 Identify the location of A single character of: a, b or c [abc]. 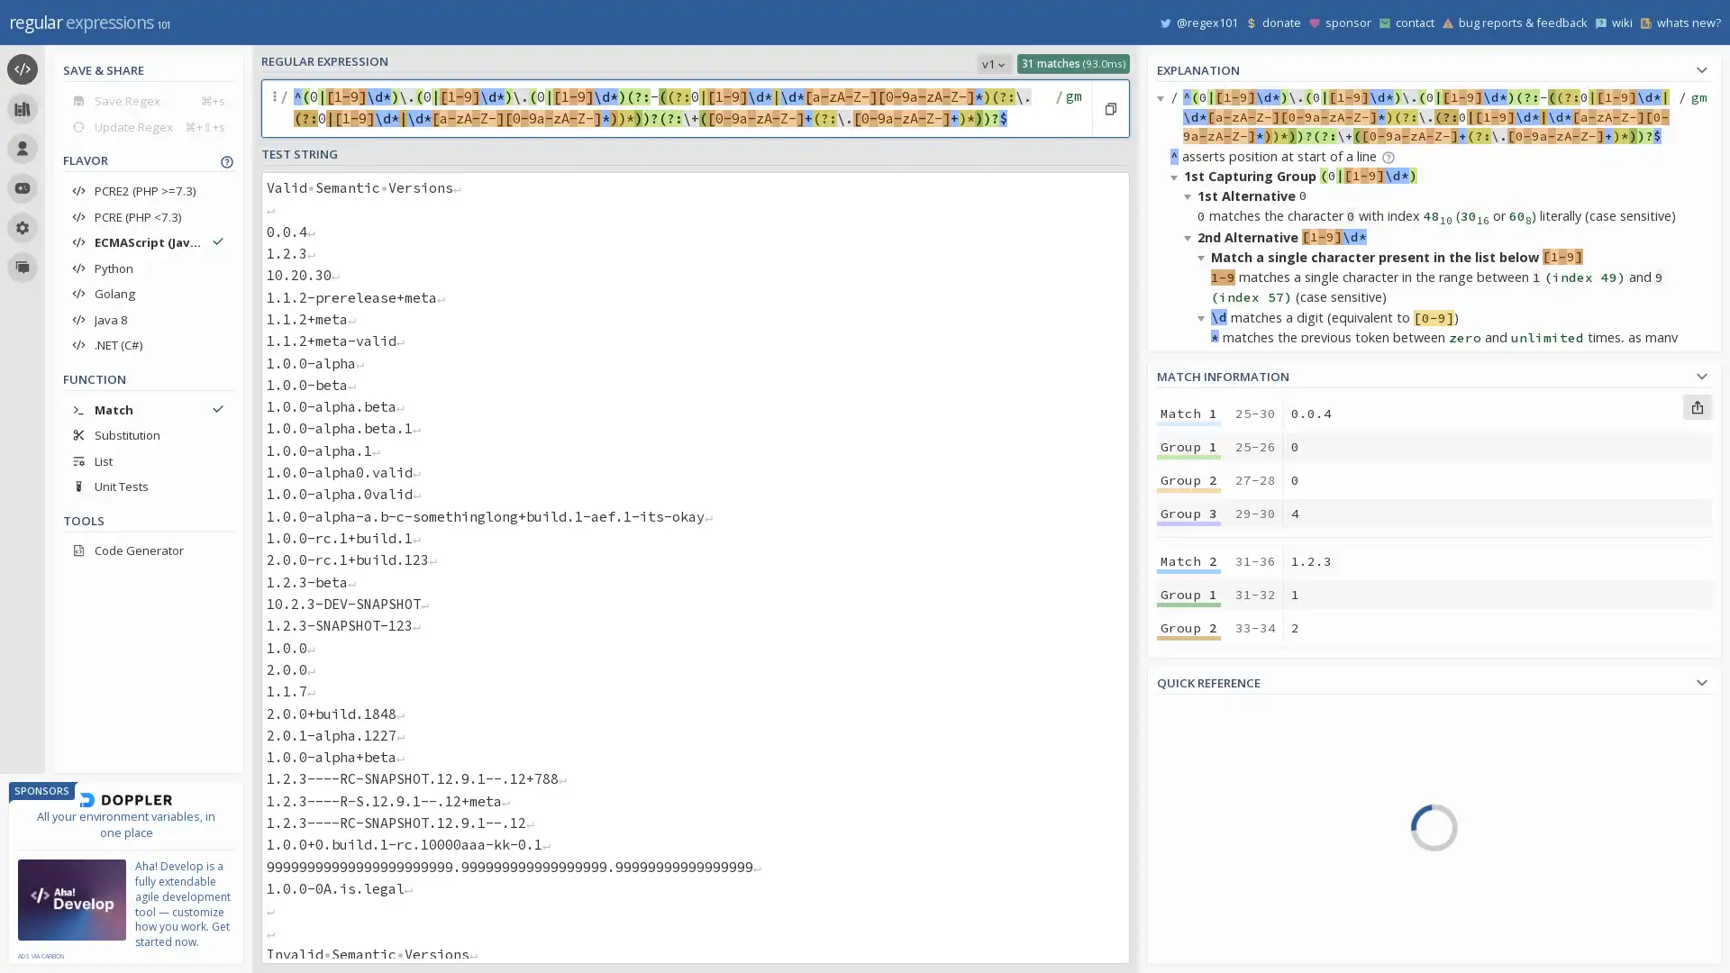
(1524, 712).